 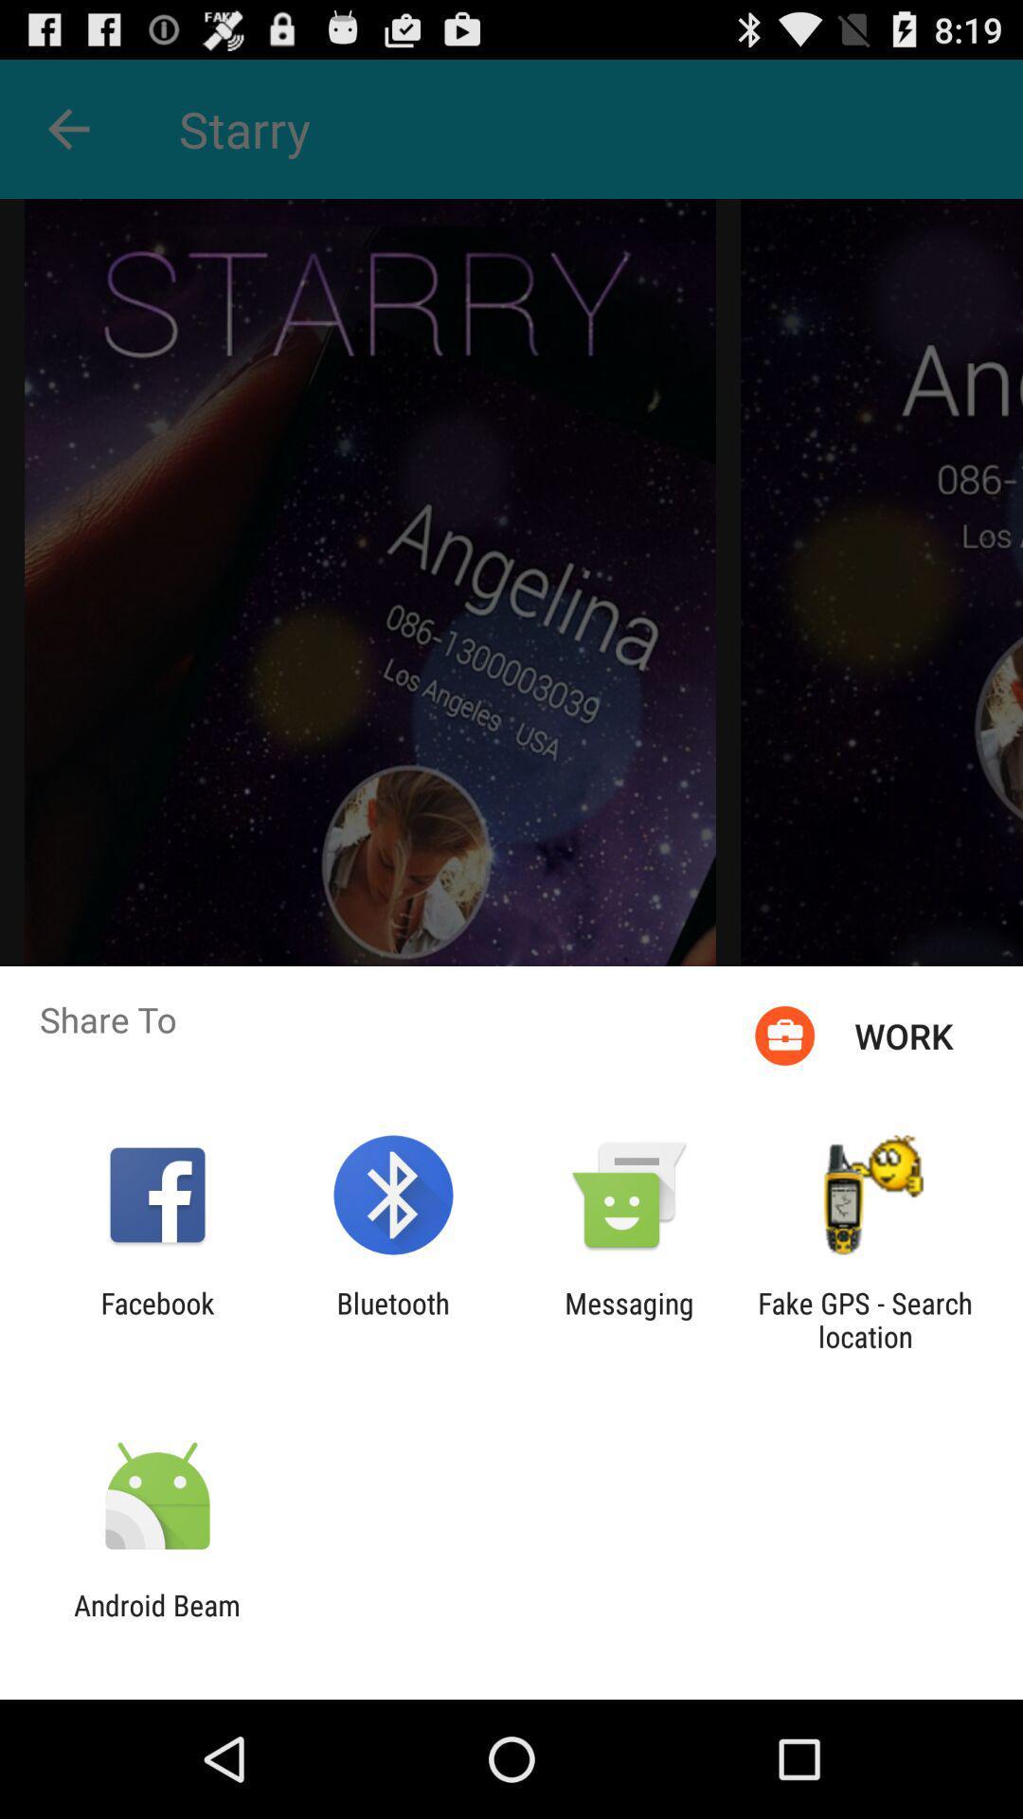 I want to click on fake gps search app, so click(x=865, y=1319).